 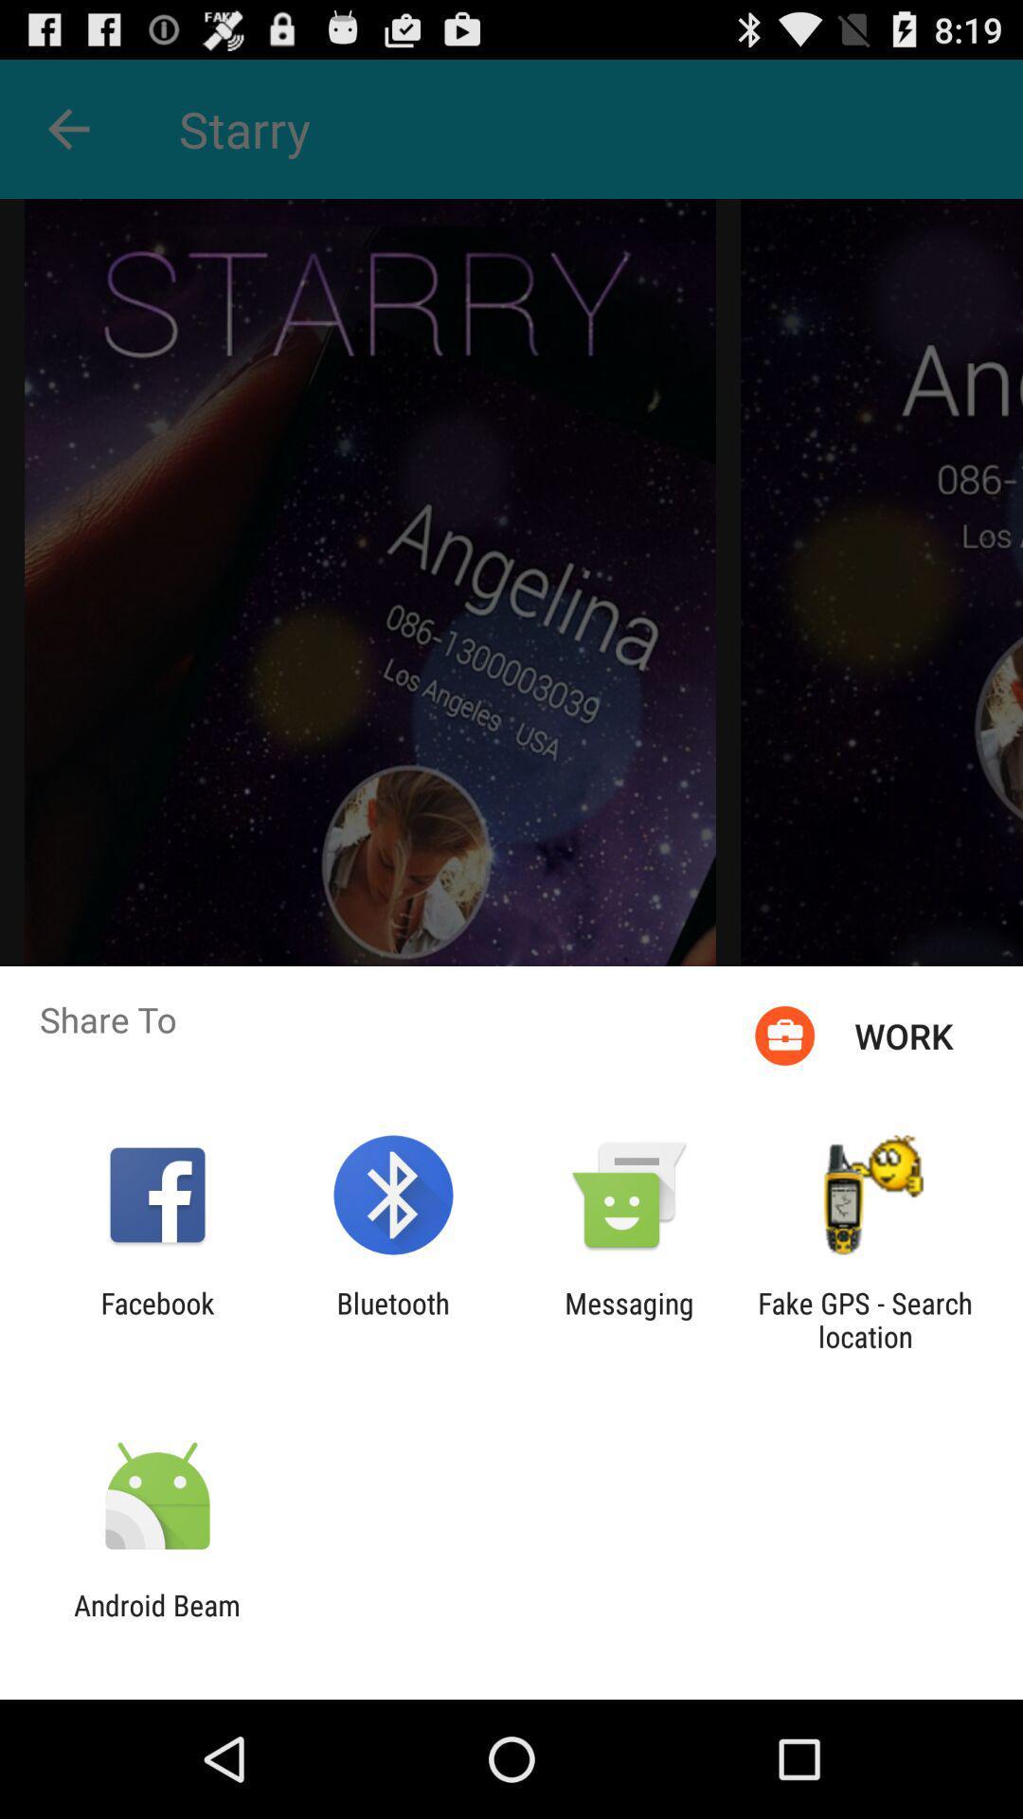 I want to click on fake gps search app, so click(x=865, y=1319).